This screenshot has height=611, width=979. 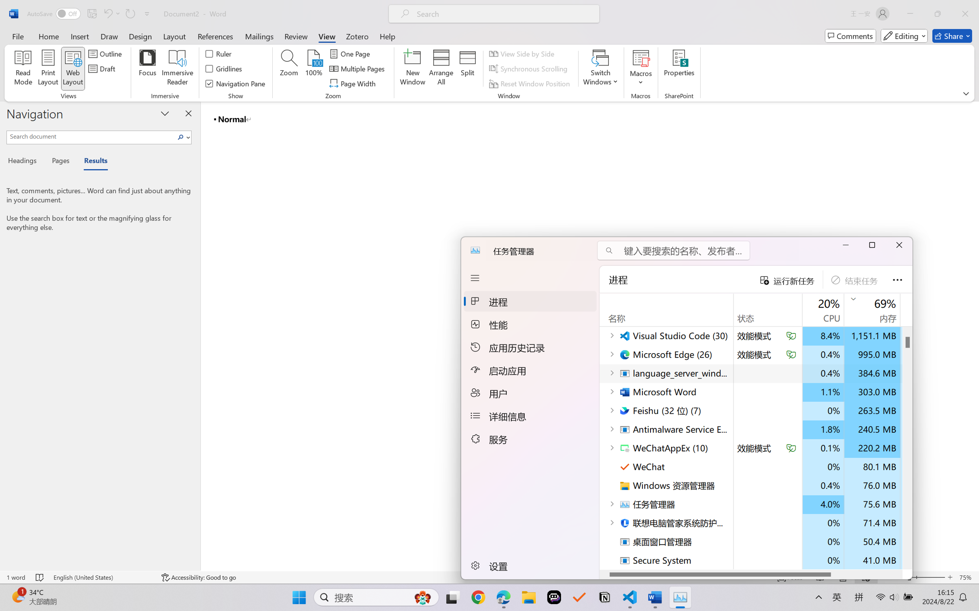 I want to click on 'One Page', so click(x=350, y=53).